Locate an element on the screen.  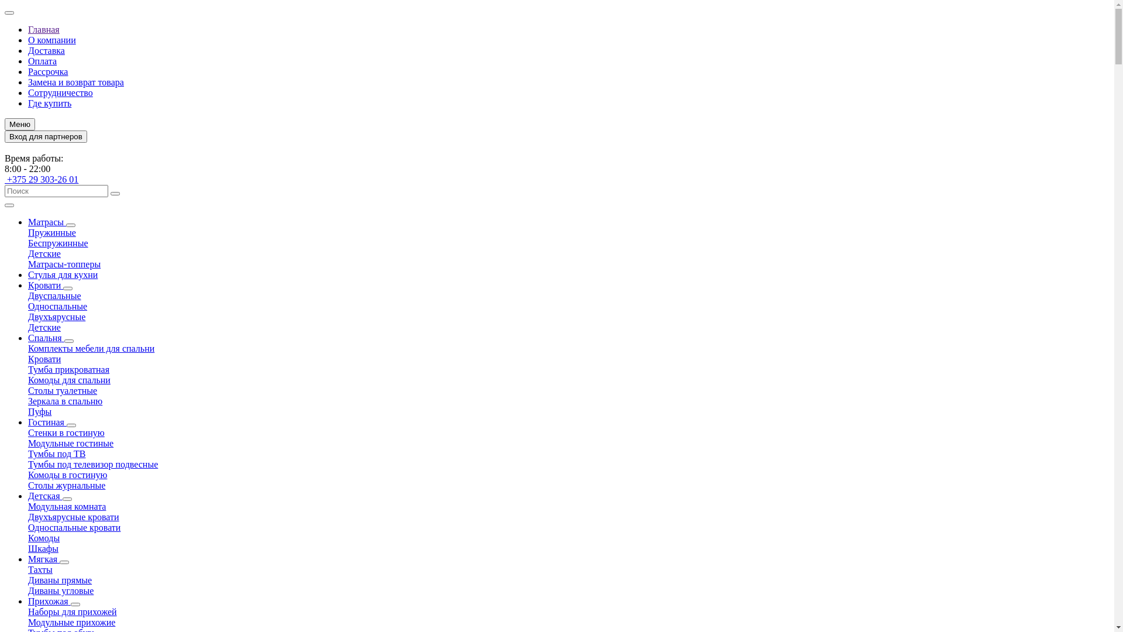
'+375 29 303-26 01' is located at coordinates (42, 179).